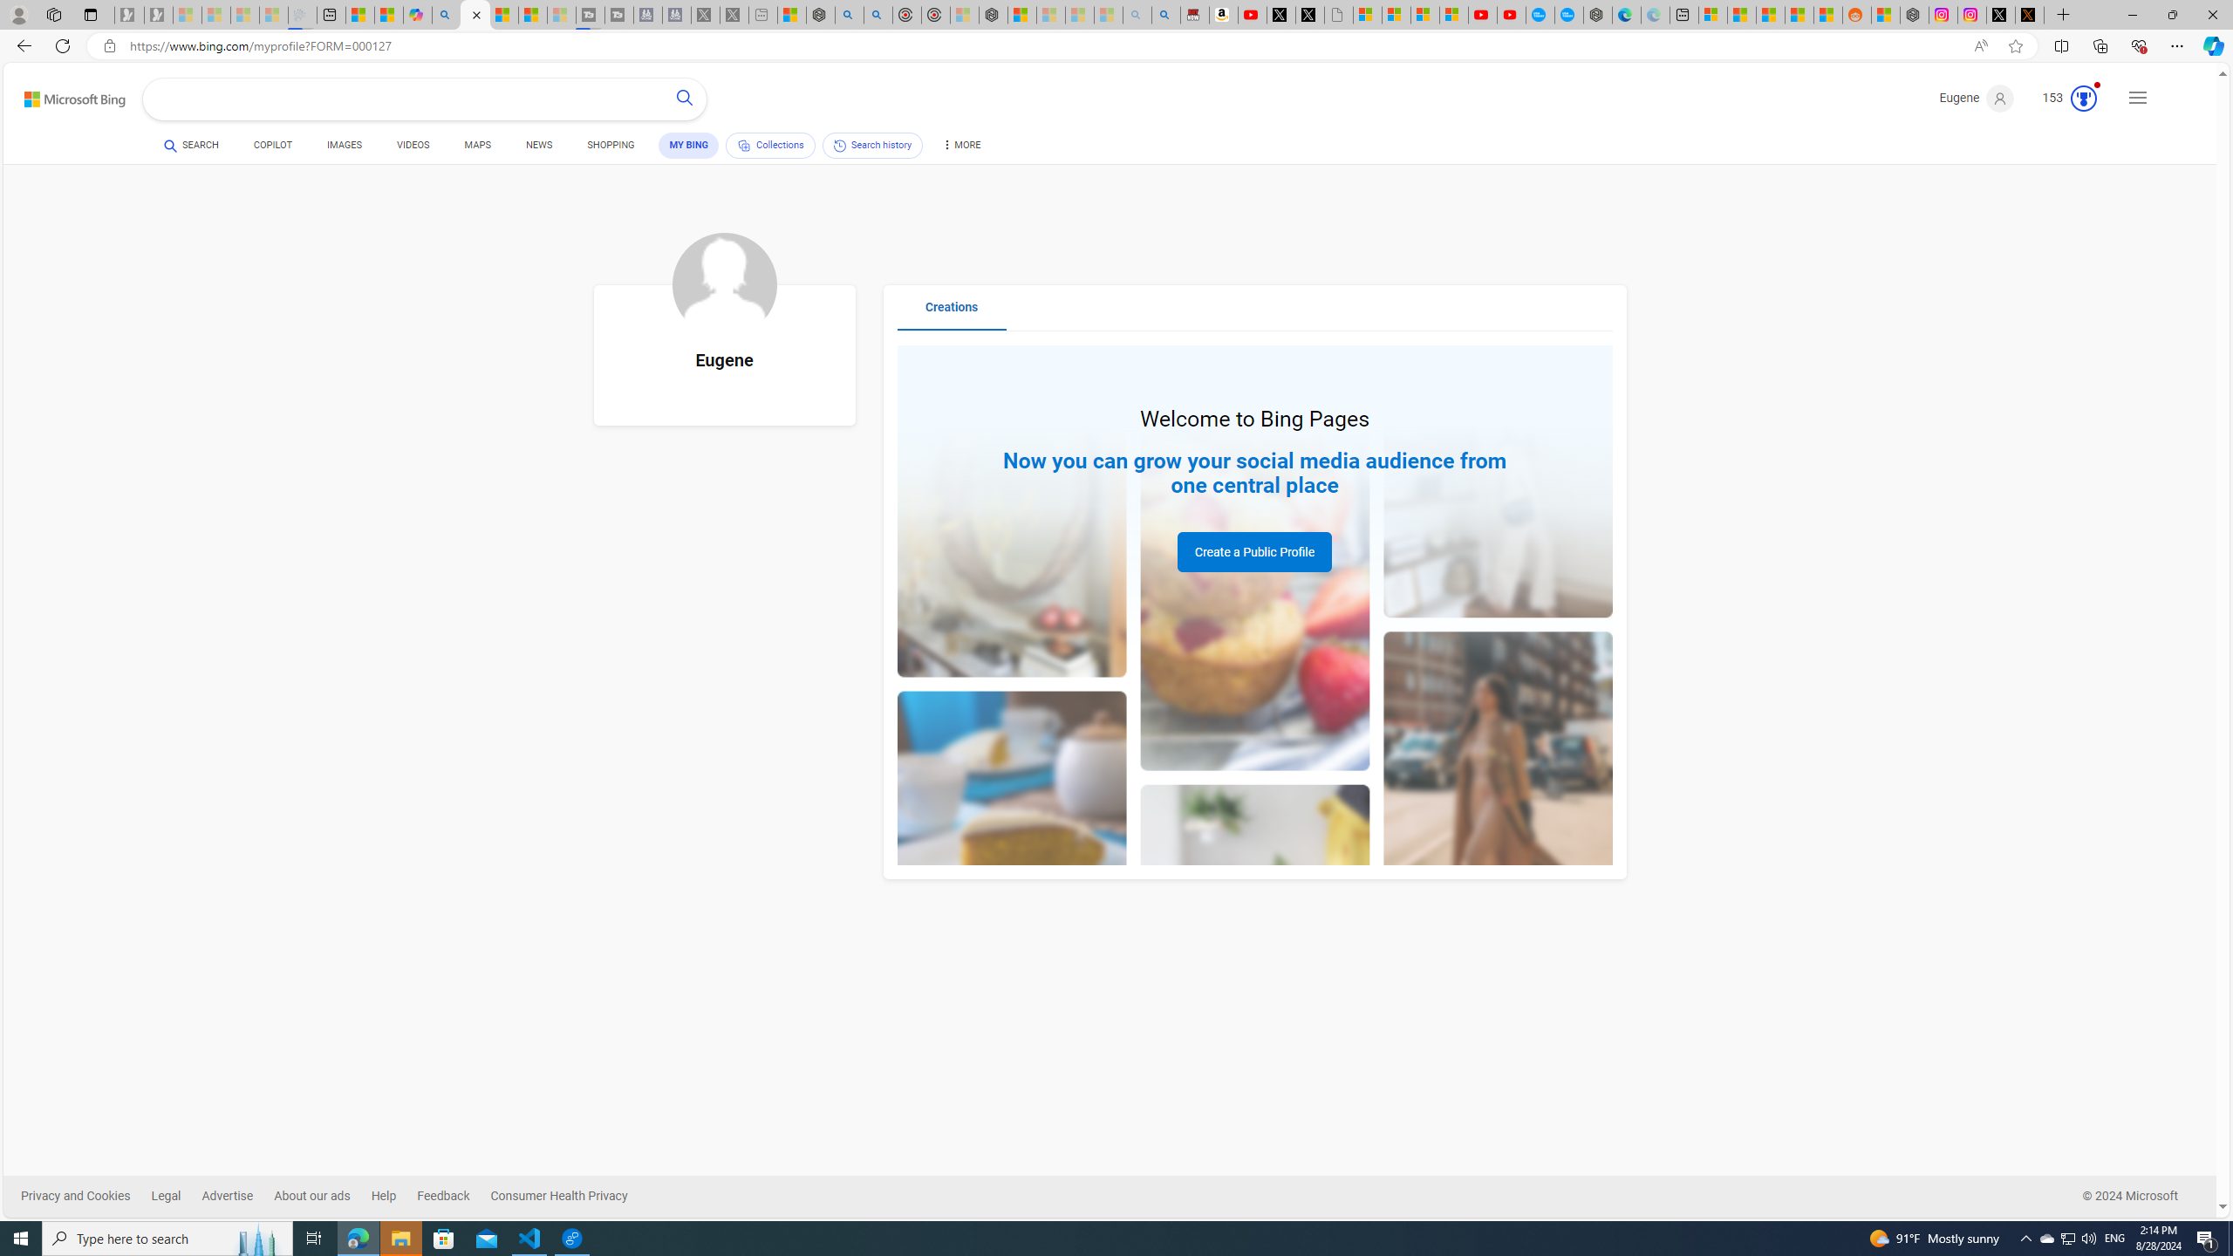  I want to click on 'About our ads', so click(321, 1196).